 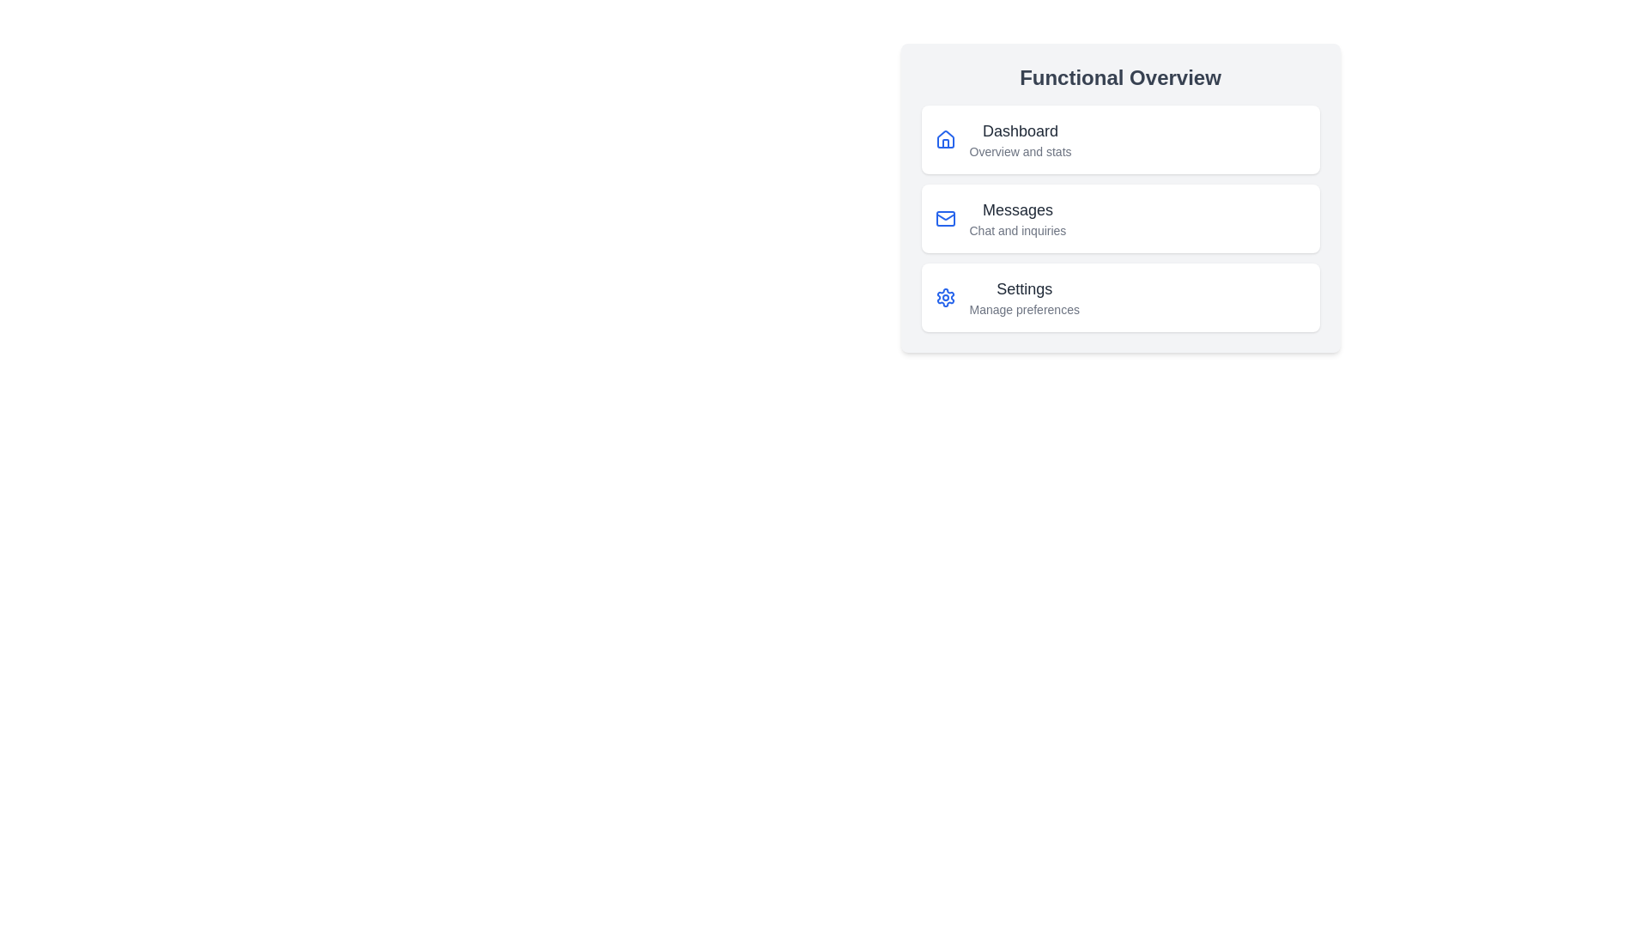 I want to click on the text label that reads 'Manage preferences', which is styled in gray and positioned under 'Settings', so click(x=1024, y=310).